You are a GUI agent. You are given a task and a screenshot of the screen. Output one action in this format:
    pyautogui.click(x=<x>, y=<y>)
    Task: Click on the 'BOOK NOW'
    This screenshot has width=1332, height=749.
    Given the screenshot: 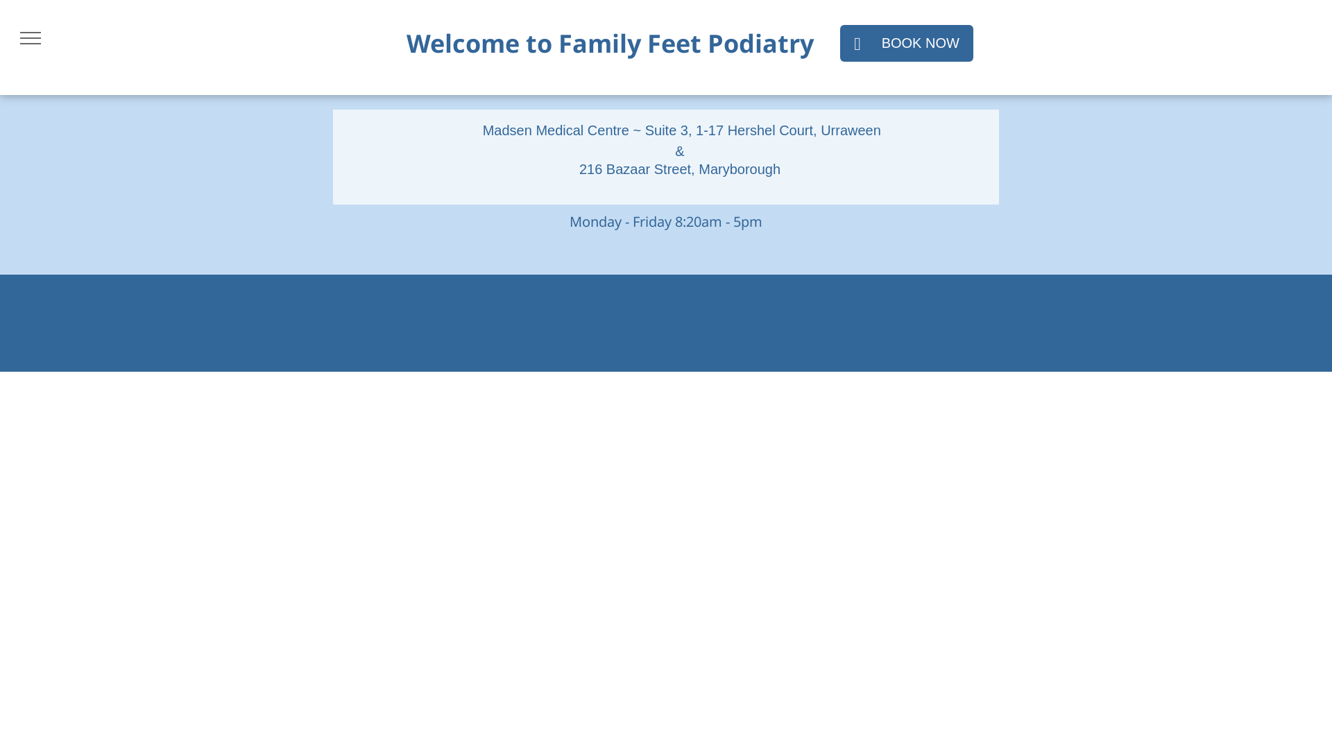 What is the action you would take?
    pyautogui.click(x=906, y=42)
    